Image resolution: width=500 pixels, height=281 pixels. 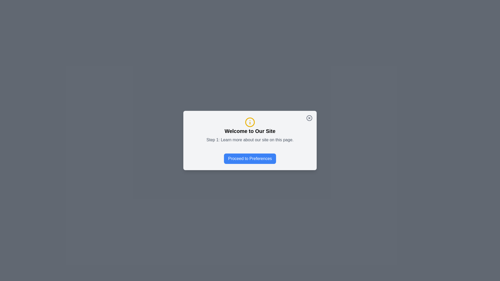 I want to click on the informational icon above the title, so click(x=250, y=122).